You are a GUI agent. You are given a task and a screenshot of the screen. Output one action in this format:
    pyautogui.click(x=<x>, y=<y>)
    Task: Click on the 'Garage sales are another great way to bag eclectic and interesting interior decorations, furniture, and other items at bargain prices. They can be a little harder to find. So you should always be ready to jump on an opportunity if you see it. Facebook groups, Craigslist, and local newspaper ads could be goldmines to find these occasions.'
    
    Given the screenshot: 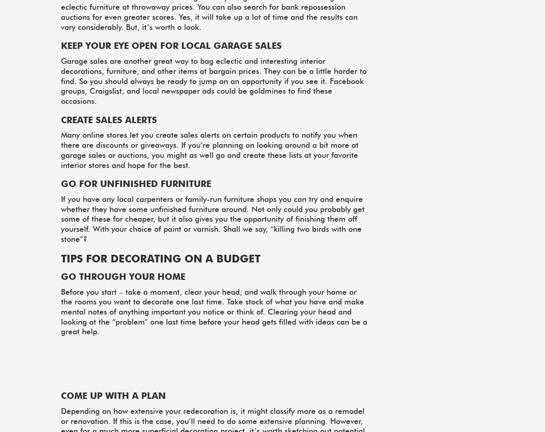 What is the action you would take?
    pyautogui.click(x=61, y=80)
    